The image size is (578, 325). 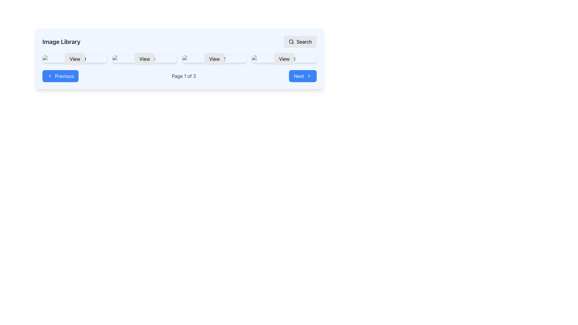 I want to click on the chevron icon located on the far left of the blue 'Previous' button, so click(x=50, y=76).